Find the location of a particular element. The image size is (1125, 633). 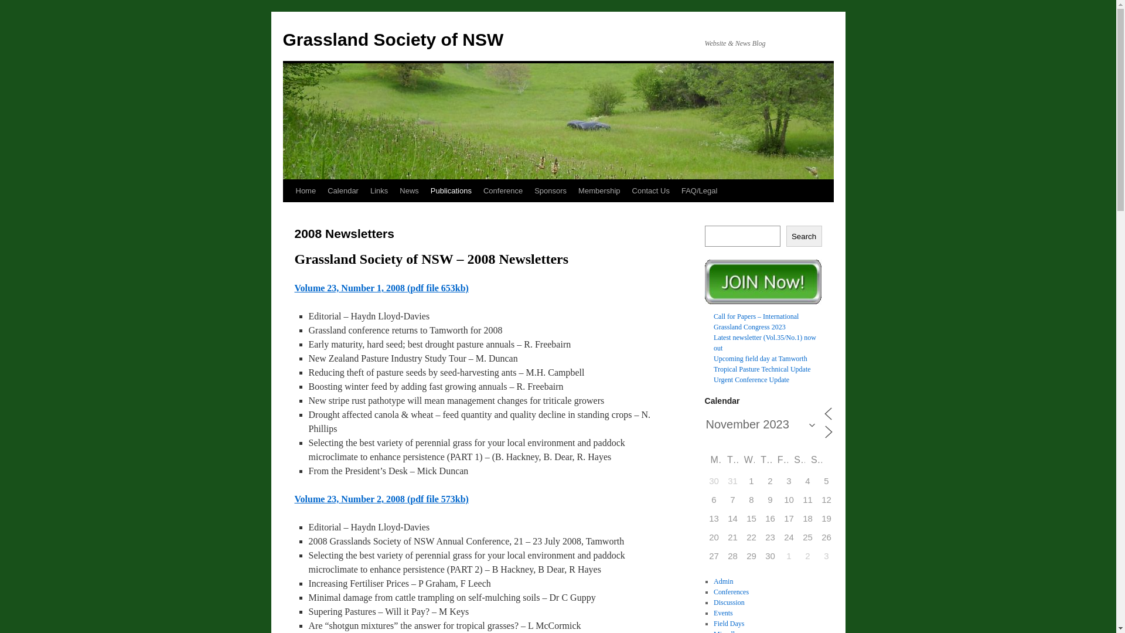

'Conferences' is located at coordinates (713, 592).